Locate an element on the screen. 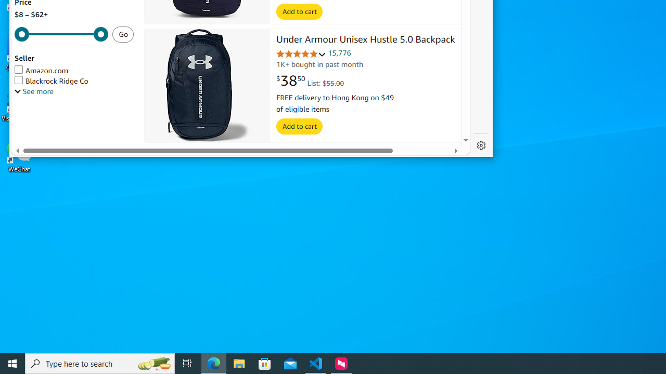  'Search highlights icon opens search home window' is located at coordinates (153, 363).